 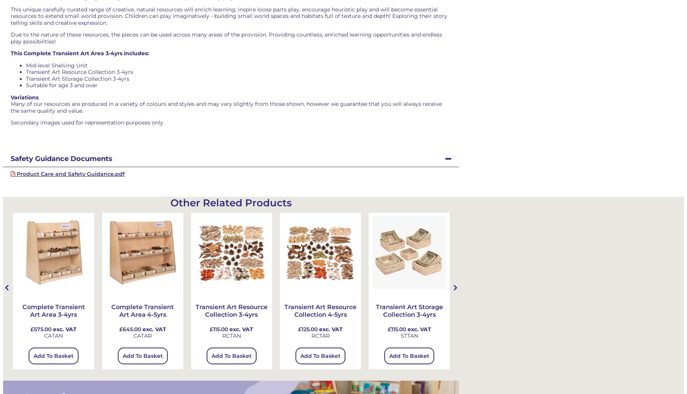 I want to click on 'Suitable for age 3 and over', so click(x=61, y=85).